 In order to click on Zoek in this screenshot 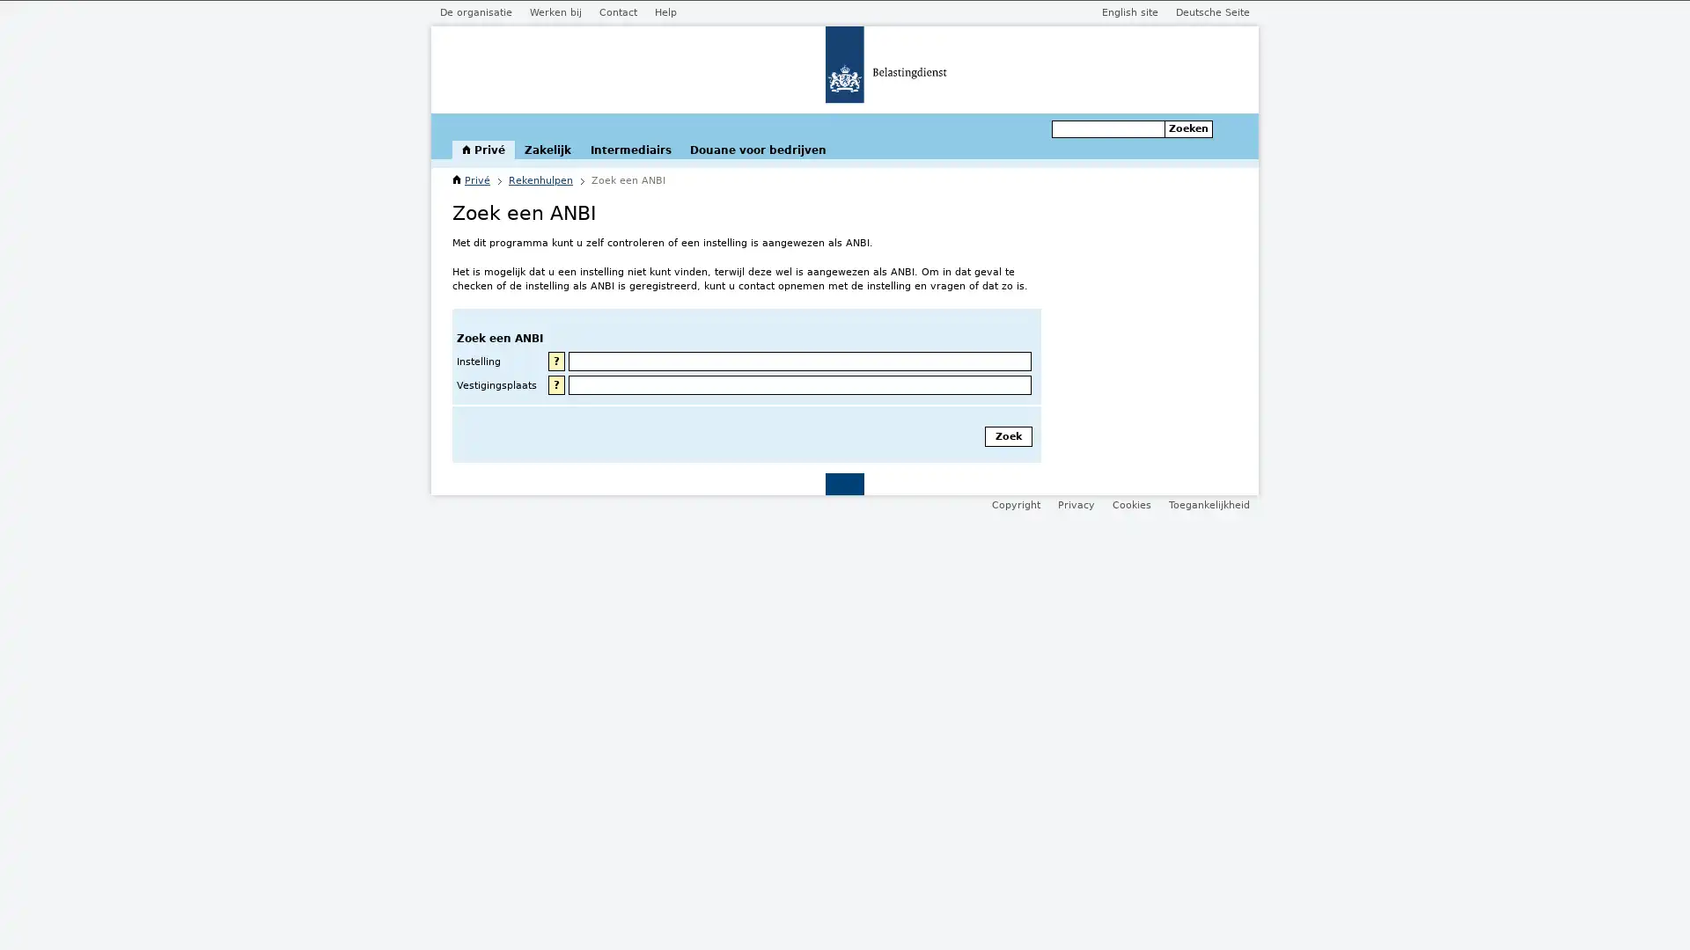, I will do `click(1009, 435)`.